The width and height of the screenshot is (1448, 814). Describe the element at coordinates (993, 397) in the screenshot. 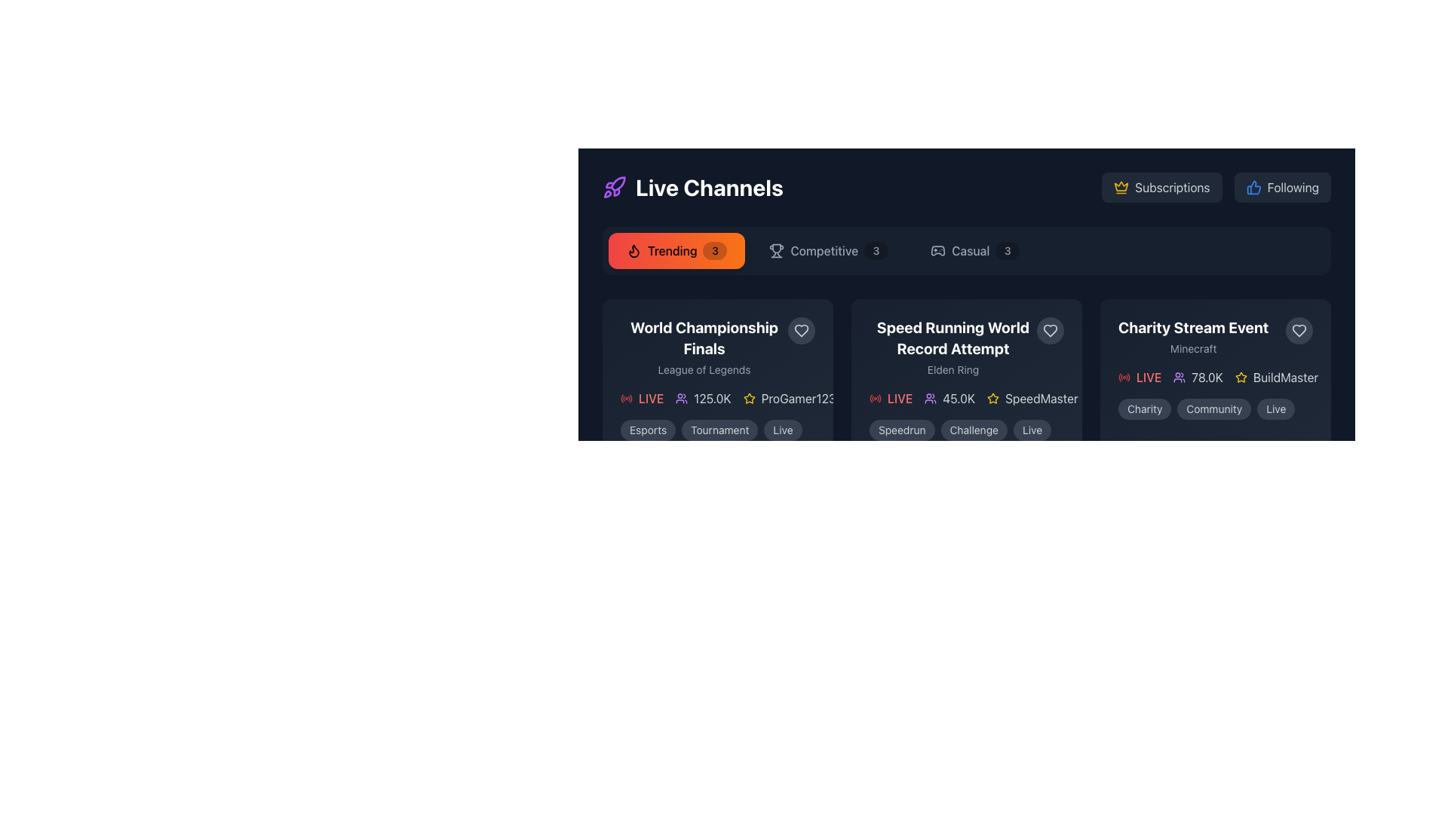

I see `the star icon located next to the channel name 'SpeedMaster' in the card for the 'Speed Running World Record Attempt' streaming event` at that location.